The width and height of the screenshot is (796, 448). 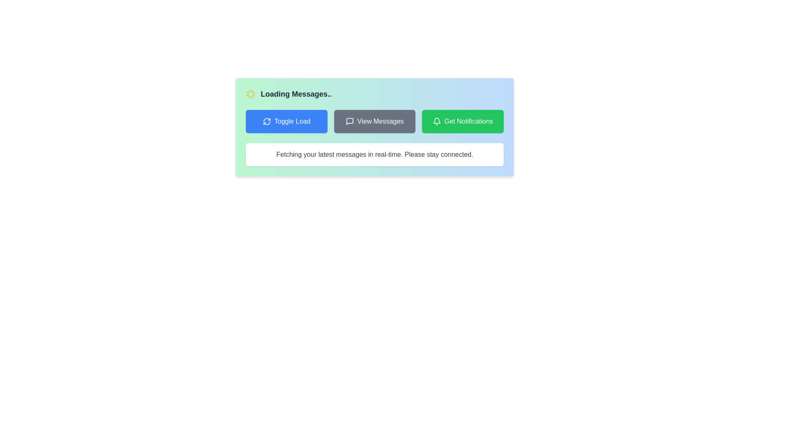 What do you see at coordinates (374, 127) in the screenshot?
I see `displayed information from the interactive informational panel that shows loading messages and notifications` at bounding box center [374, 127].